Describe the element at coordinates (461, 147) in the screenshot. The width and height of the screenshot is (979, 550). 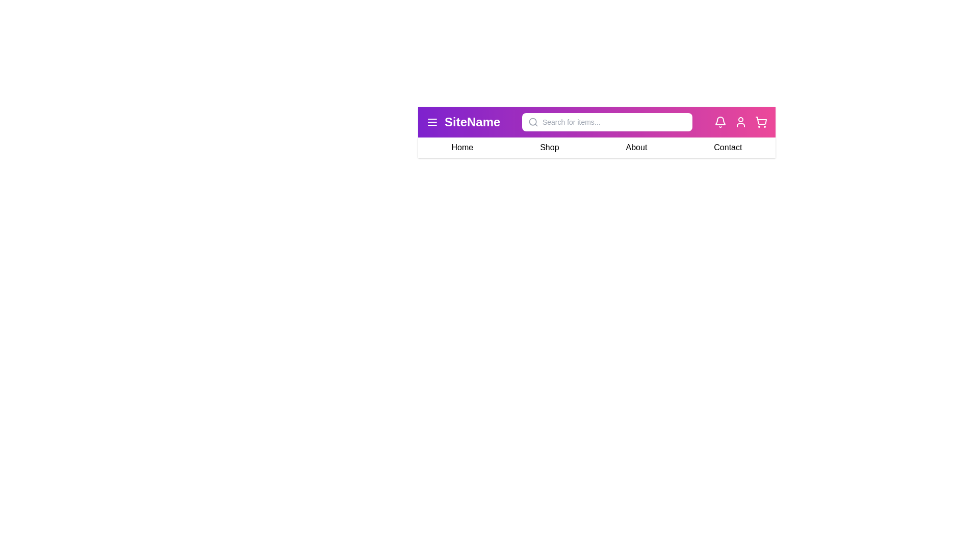
I see `the navigation menu item labeled Home` at that location.